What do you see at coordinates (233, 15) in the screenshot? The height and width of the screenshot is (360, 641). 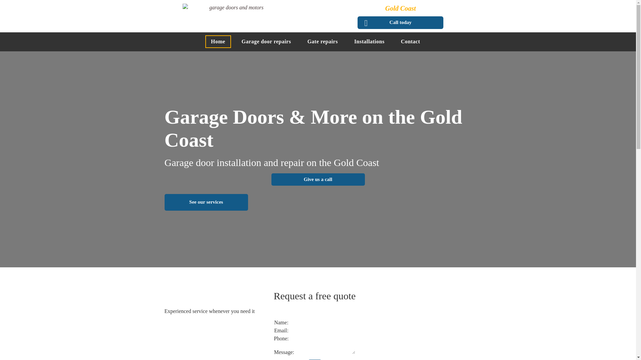 I see `'Garage Doors & Motors'` at bounding box center [233, 15].